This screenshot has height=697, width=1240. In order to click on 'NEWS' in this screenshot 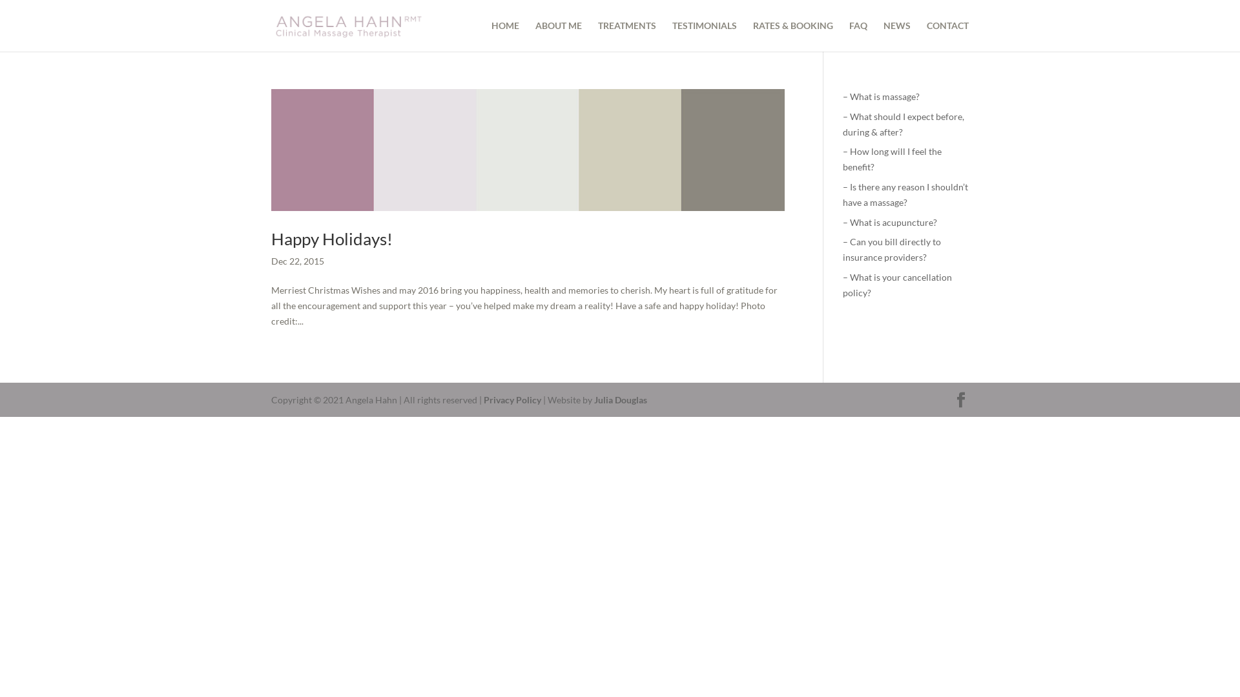, I will do `click(896, 35)`.